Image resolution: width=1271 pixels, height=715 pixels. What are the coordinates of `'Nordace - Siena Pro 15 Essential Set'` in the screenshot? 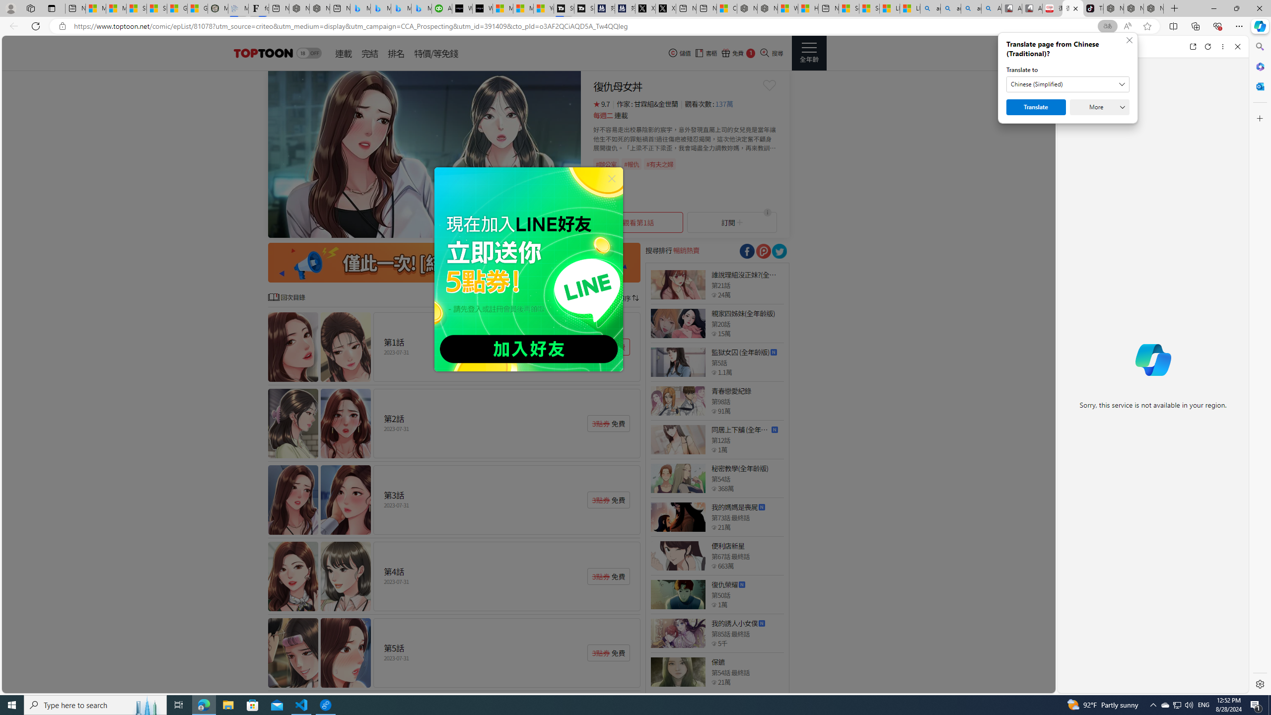 It's located at (1153, 8).